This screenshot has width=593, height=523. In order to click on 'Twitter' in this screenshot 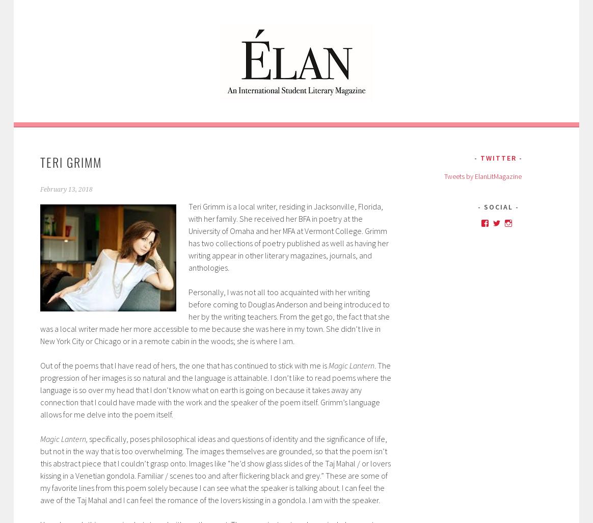, I will do `click(498, 158)`.